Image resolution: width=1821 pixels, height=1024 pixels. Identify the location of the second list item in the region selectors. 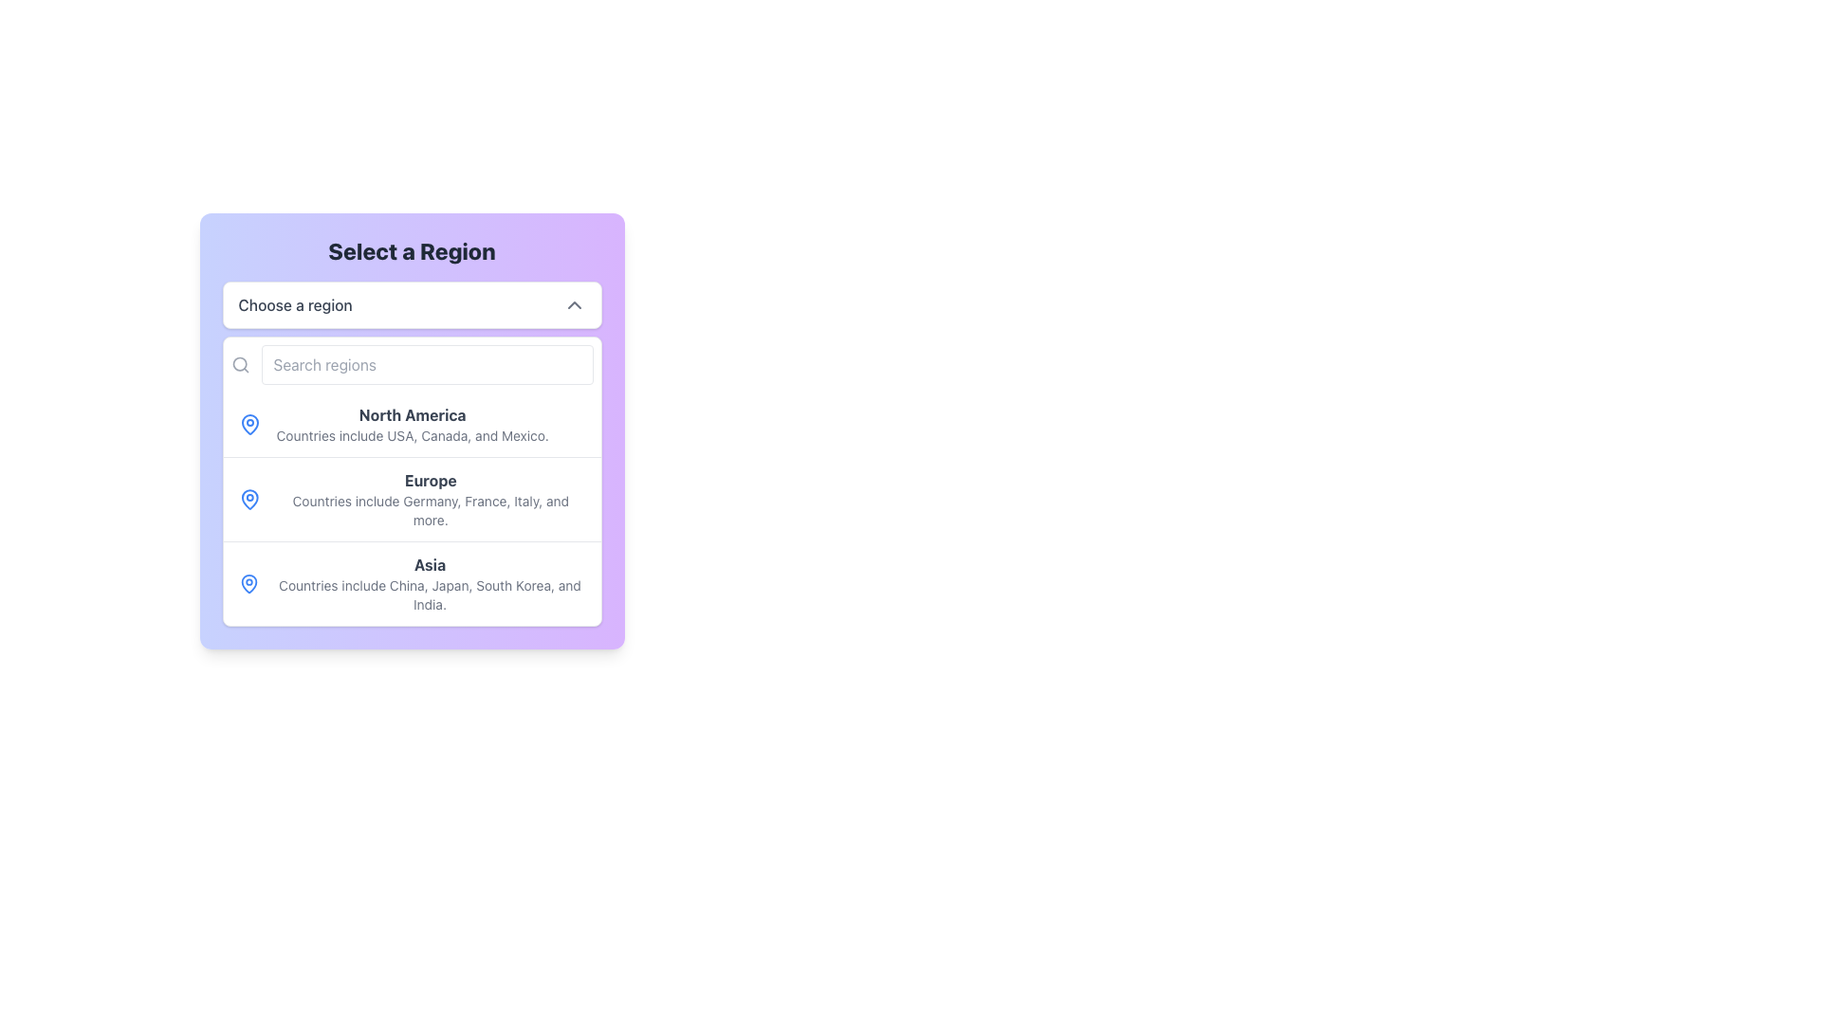
(411, 499).